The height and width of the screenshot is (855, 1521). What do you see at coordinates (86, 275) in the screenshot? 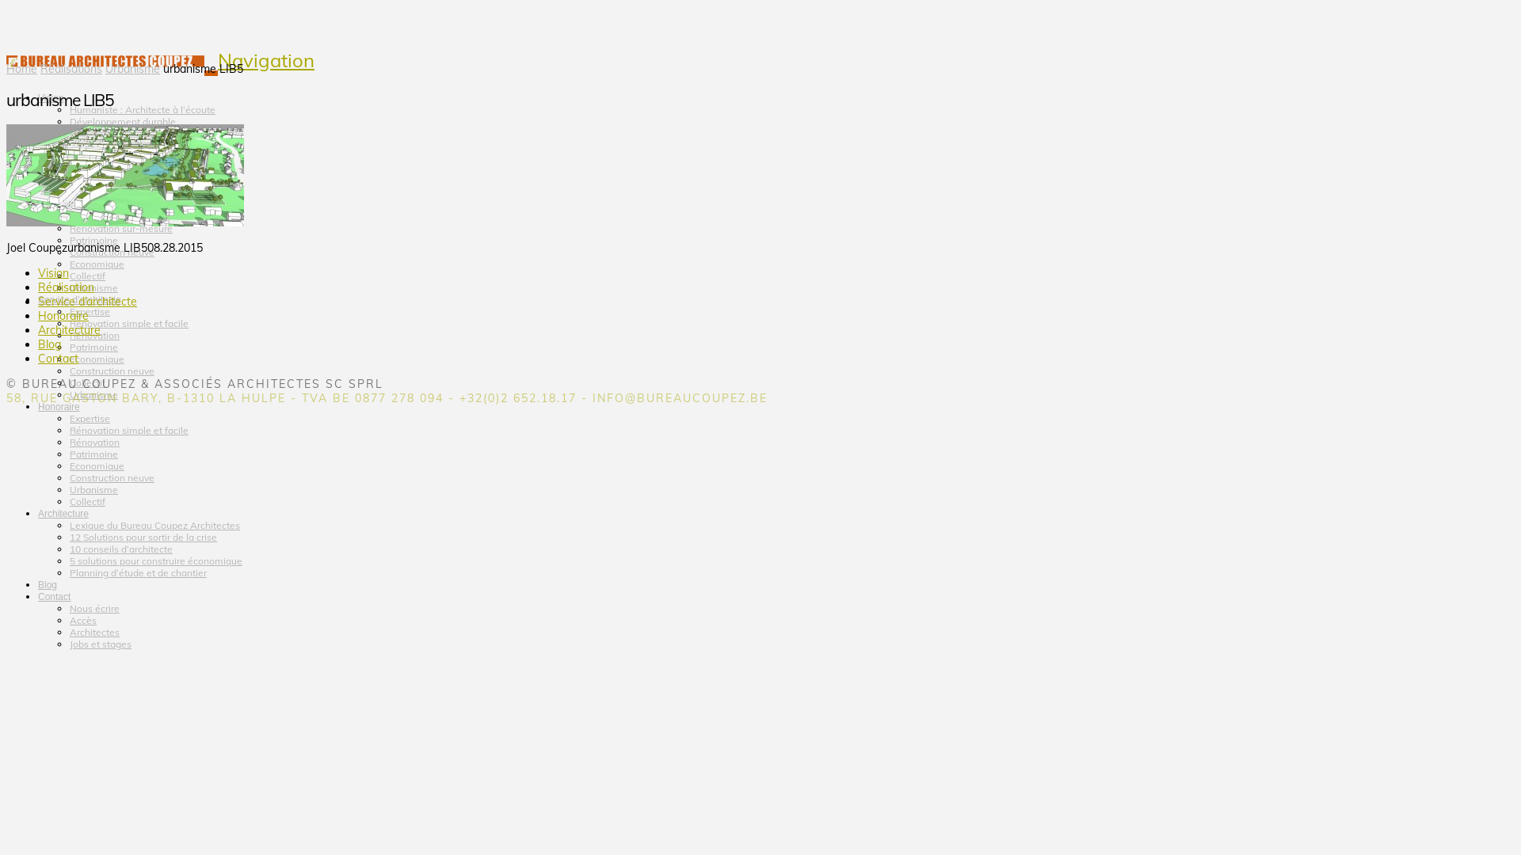
I see `'Collectif'` at bounding box center [86, 275].